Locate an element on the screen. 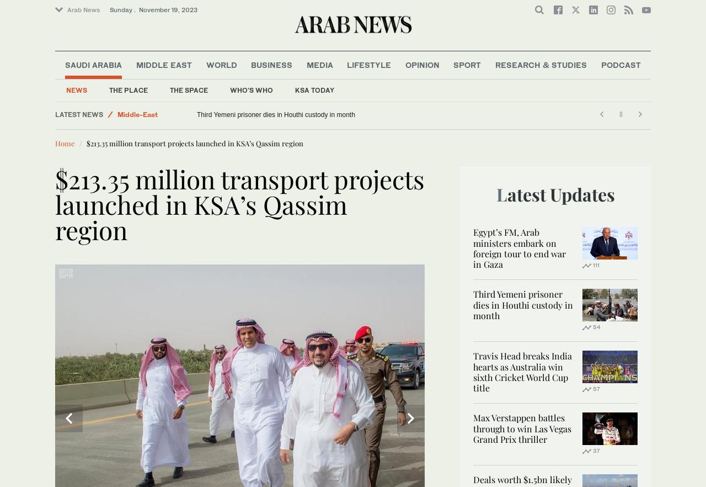 This screenshot has height=487, width=706. 'Arab News FR' is located at coordinates (91, 63).